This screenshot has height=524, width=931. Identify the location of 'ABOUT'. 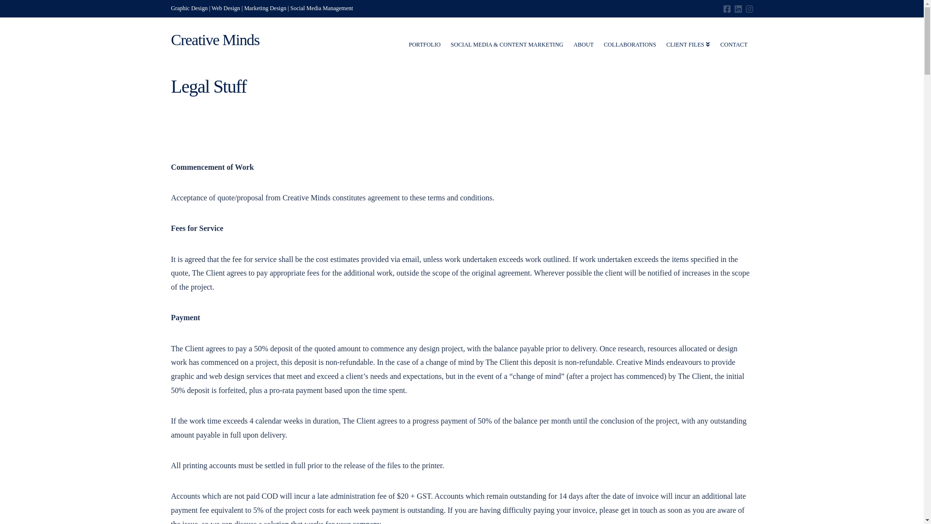
(583, 39).